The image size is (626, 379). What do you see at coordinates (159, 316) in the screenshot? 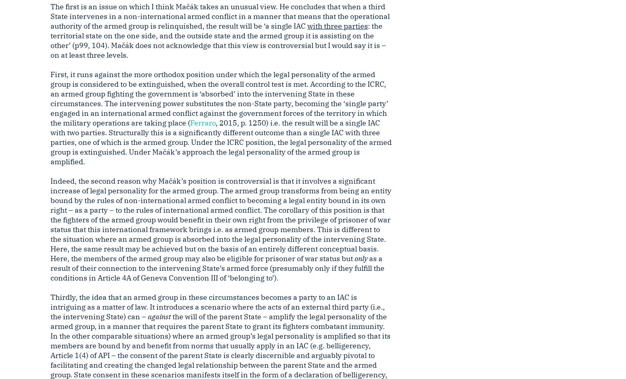
I see `'against'` at bounding box center [159, 316].